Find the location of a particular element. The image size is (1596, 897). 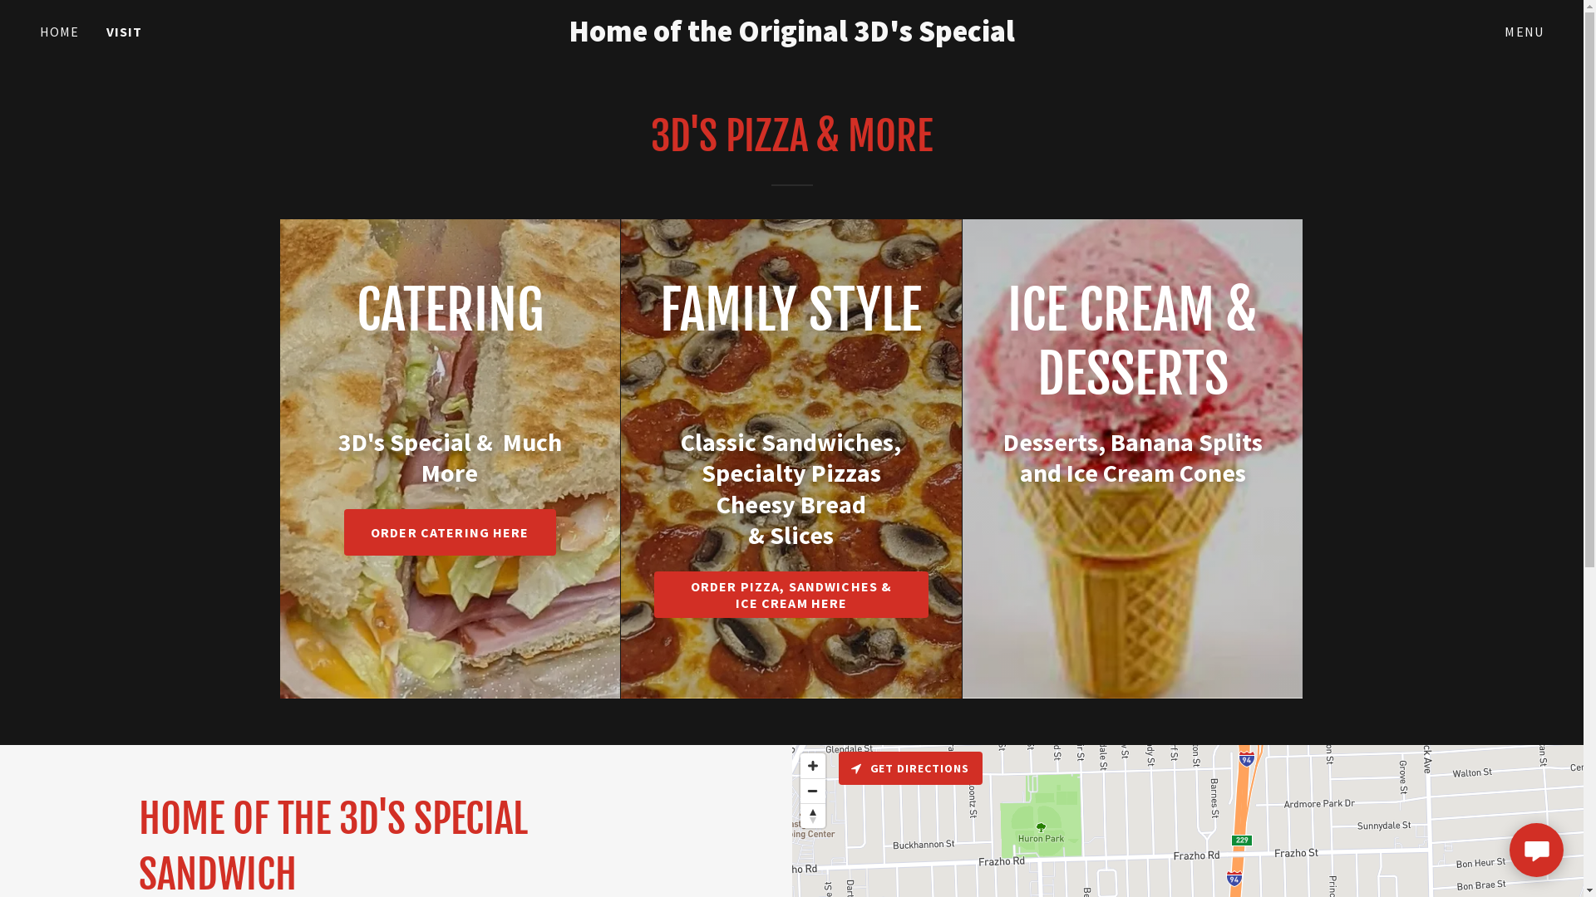

'ORDER CATERING HERE' is located at coordinates (450, 532).